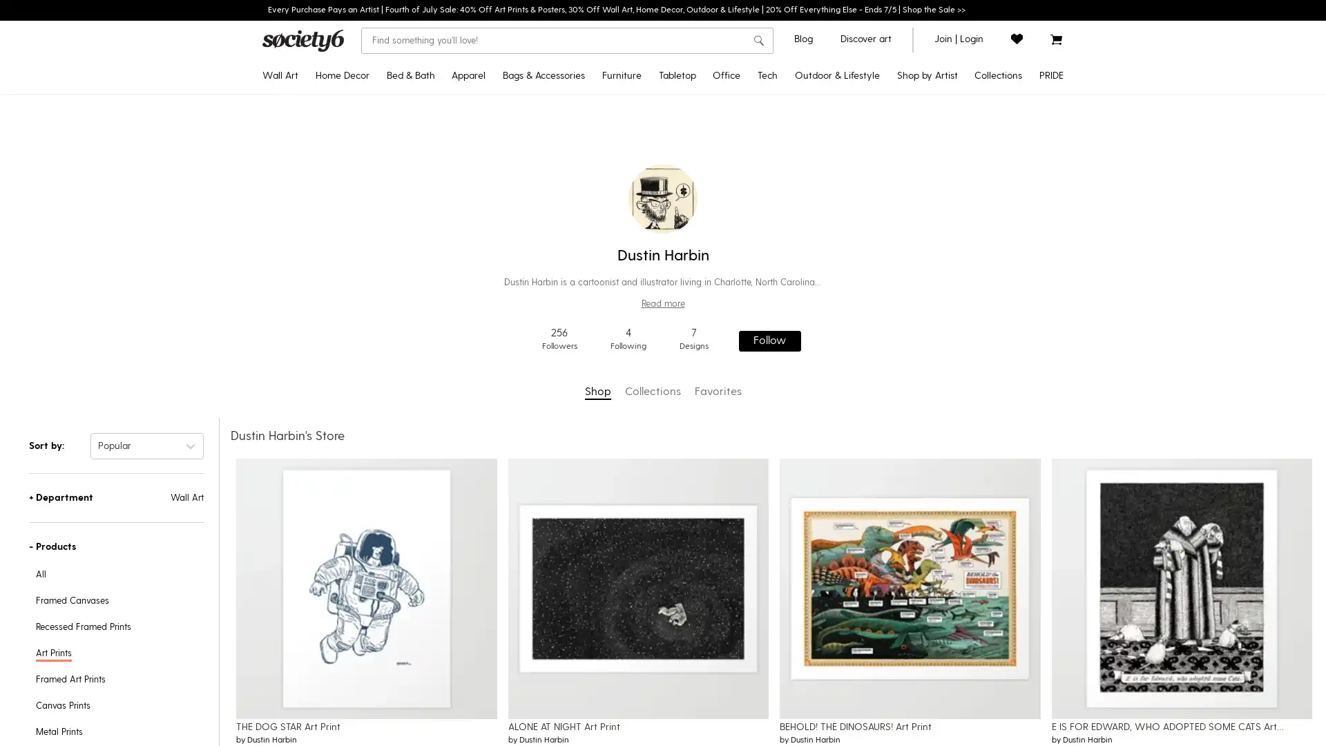 This screenshot has height=746, width=1326. What do you see at coordinates (890, 244) in the screenshot?
I see `Support Ukrainian Artists` at bounding box center [890, 244].